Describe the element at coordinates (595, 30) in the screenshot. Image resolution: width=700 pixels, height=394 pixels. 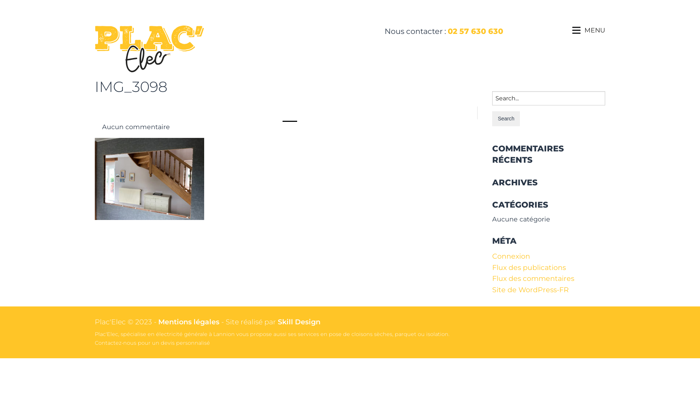
I see `'MENU'` at that location.